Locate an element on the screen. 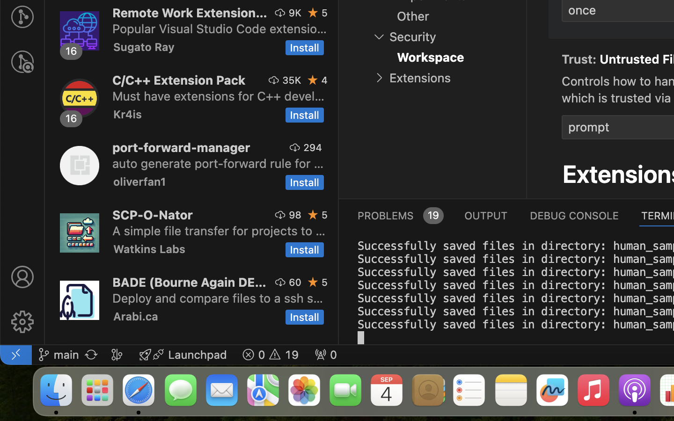 Image resolution: width=674 pixels, height=421 pixels. 'Sugato Ray' is located at coordinates (144, 46).